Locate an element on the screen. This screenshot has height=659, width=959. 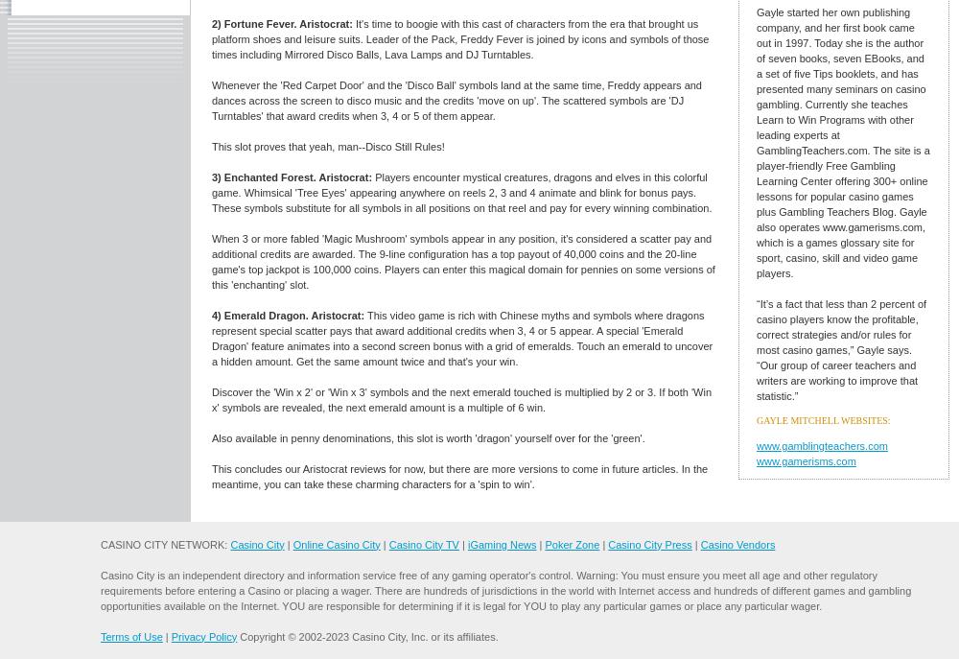
'Gayle Mitchell Websites:' is located at coordinates (822, 420).